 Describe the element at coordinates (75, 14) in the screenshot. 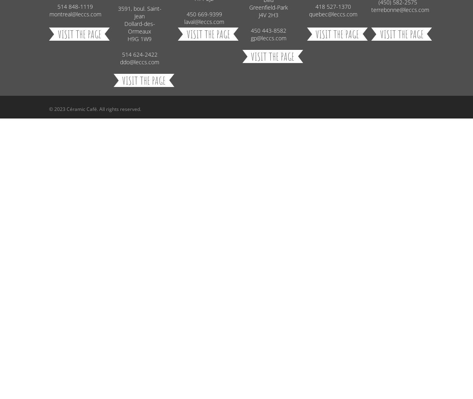

I see `'montreal@leccs.com'` at that location.